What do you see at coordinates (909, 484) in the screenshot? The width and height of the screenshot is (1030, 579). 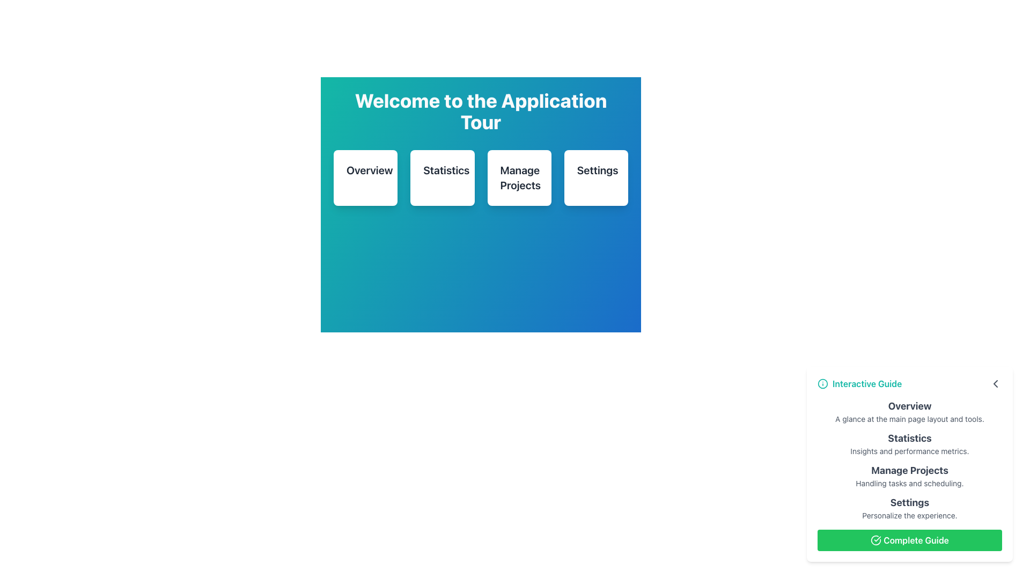 I see `the text label displaying 'Handling tasks and scheduling.' located below the 'Manage Projects' title in the right-hand panel of the interface` at bounding box center [909, 484].